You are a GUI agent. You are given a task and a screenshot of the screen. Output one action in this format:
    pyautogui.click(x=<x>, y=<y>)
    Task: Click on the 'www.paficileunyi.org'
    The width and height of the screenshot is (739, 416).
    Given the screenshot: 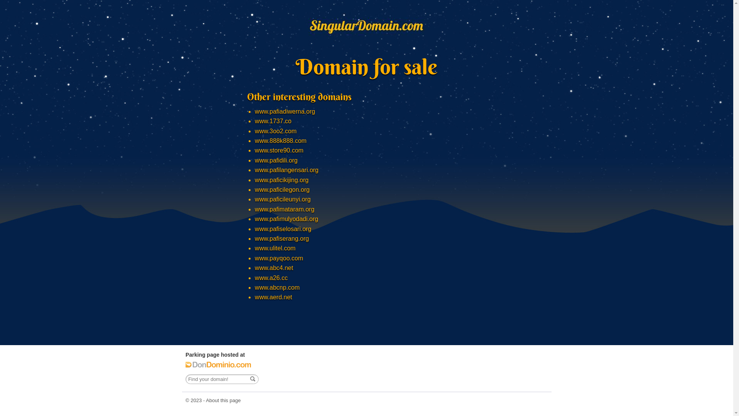 What is the action you would take?
    pyautogui.click(x=282, y=199)
    